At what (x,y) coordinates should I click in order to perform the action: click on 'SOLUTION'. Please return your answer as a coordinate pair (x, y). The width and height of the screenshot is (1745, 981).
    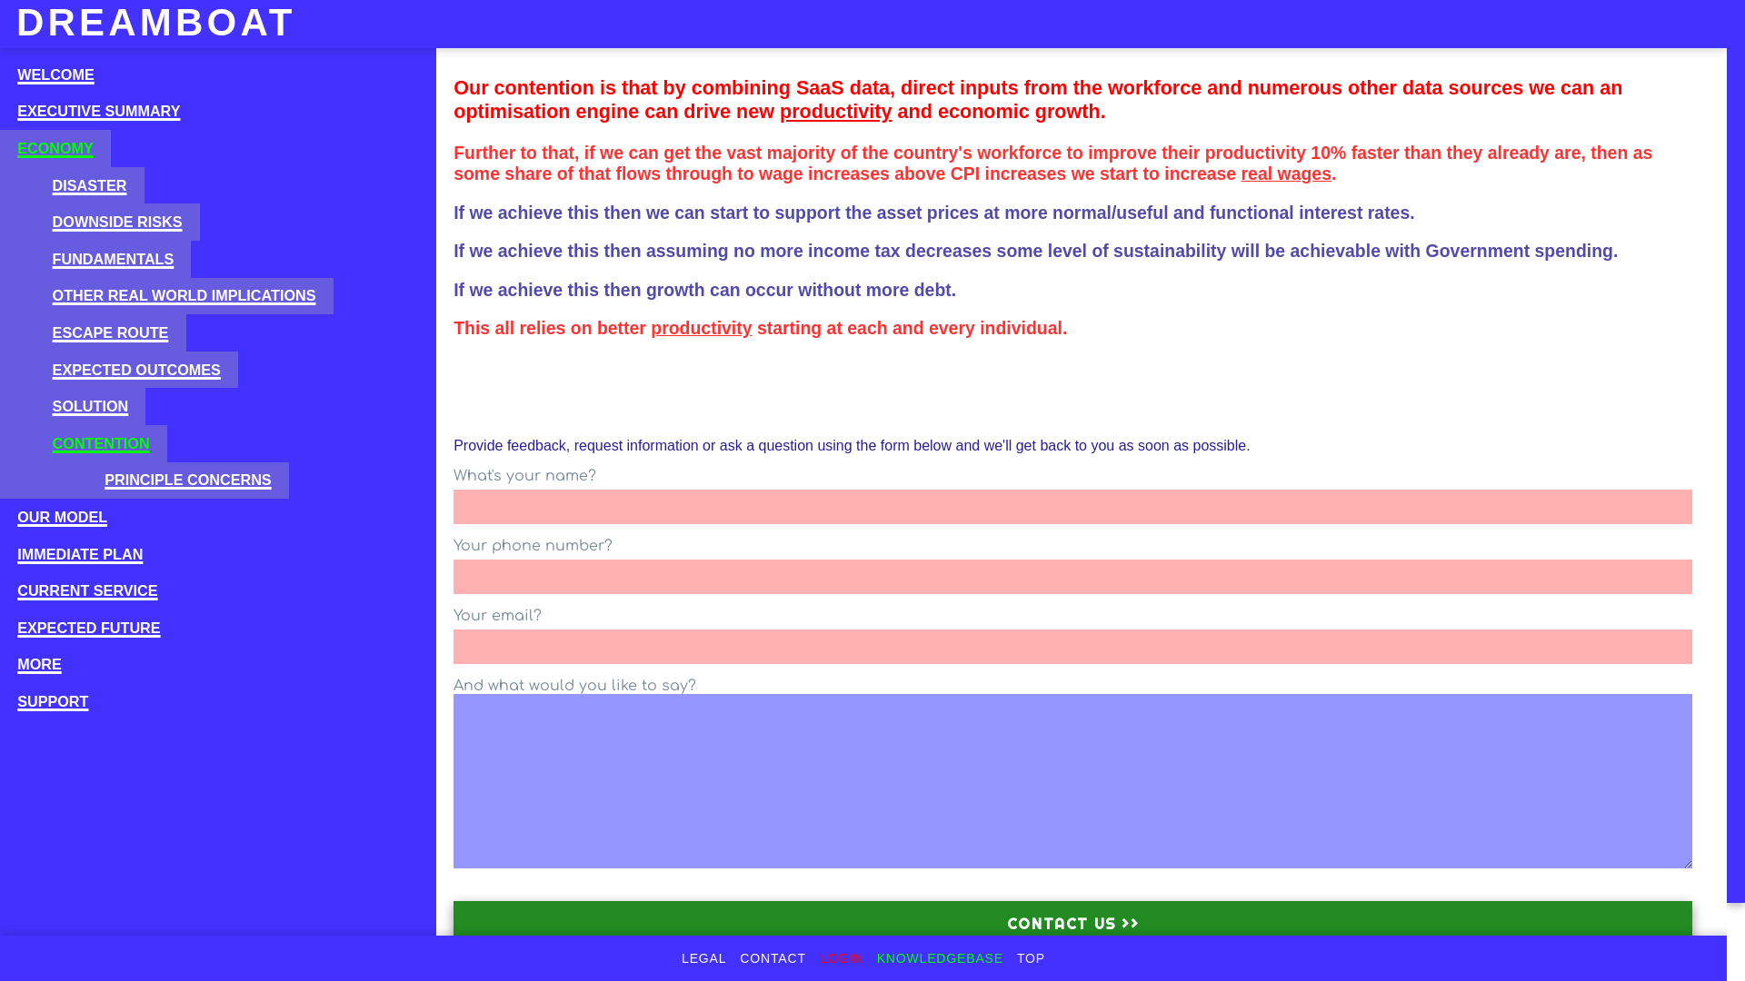
    Looking at the image, I should click on (73, 405).